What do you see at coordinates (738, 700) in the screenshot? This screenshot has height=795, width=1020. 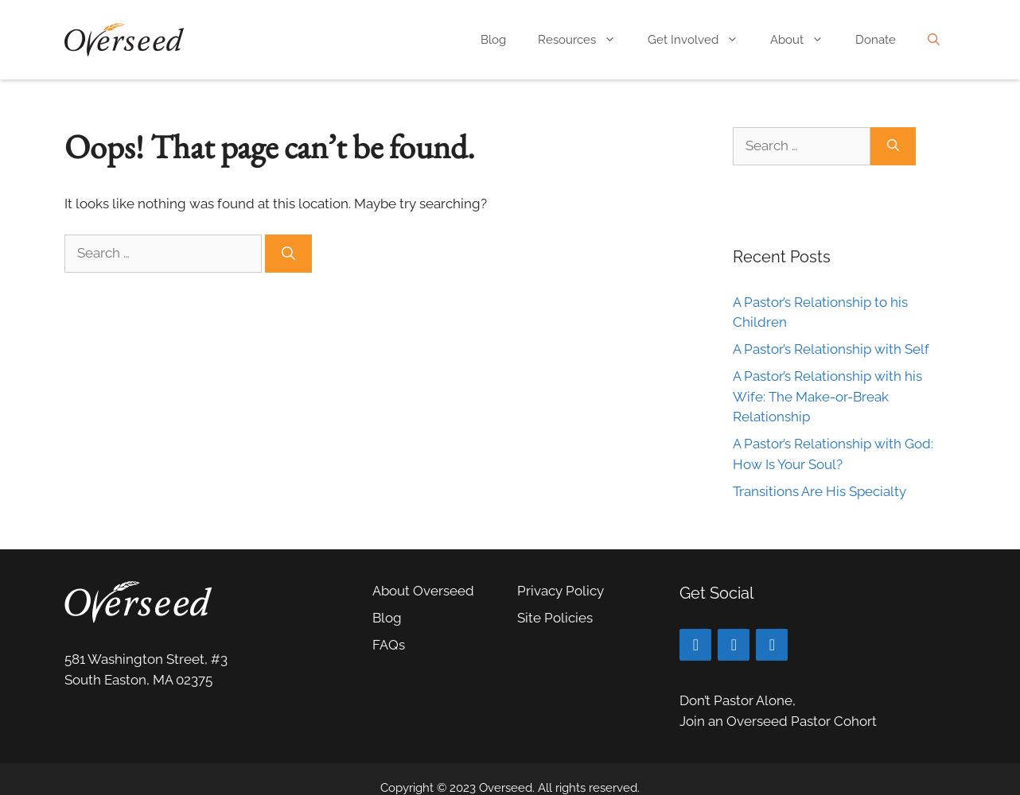 I see `'Don’t Pastor Alone,'` at bounding box center [738, 700].